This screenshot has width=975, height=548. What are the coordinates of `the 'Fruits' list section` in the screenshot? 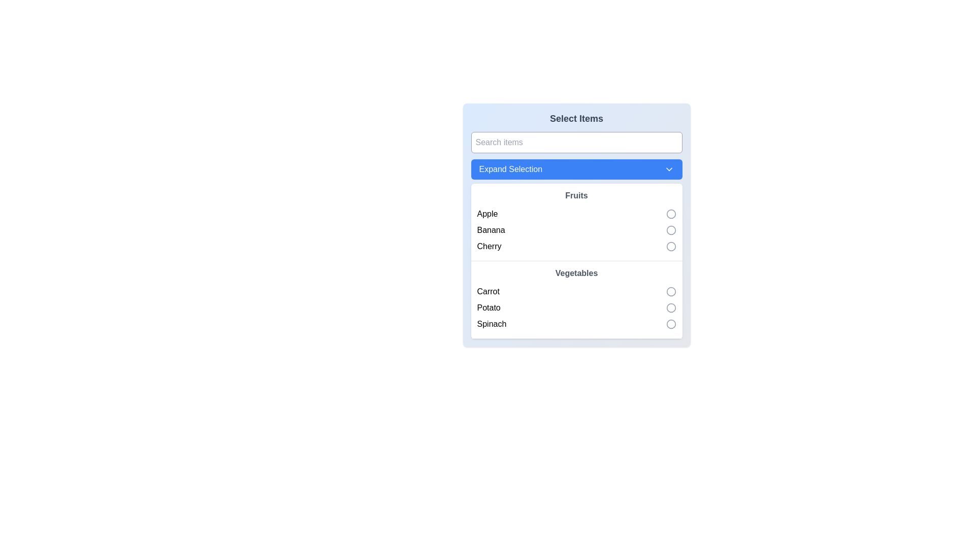 It's located at (576, 222).